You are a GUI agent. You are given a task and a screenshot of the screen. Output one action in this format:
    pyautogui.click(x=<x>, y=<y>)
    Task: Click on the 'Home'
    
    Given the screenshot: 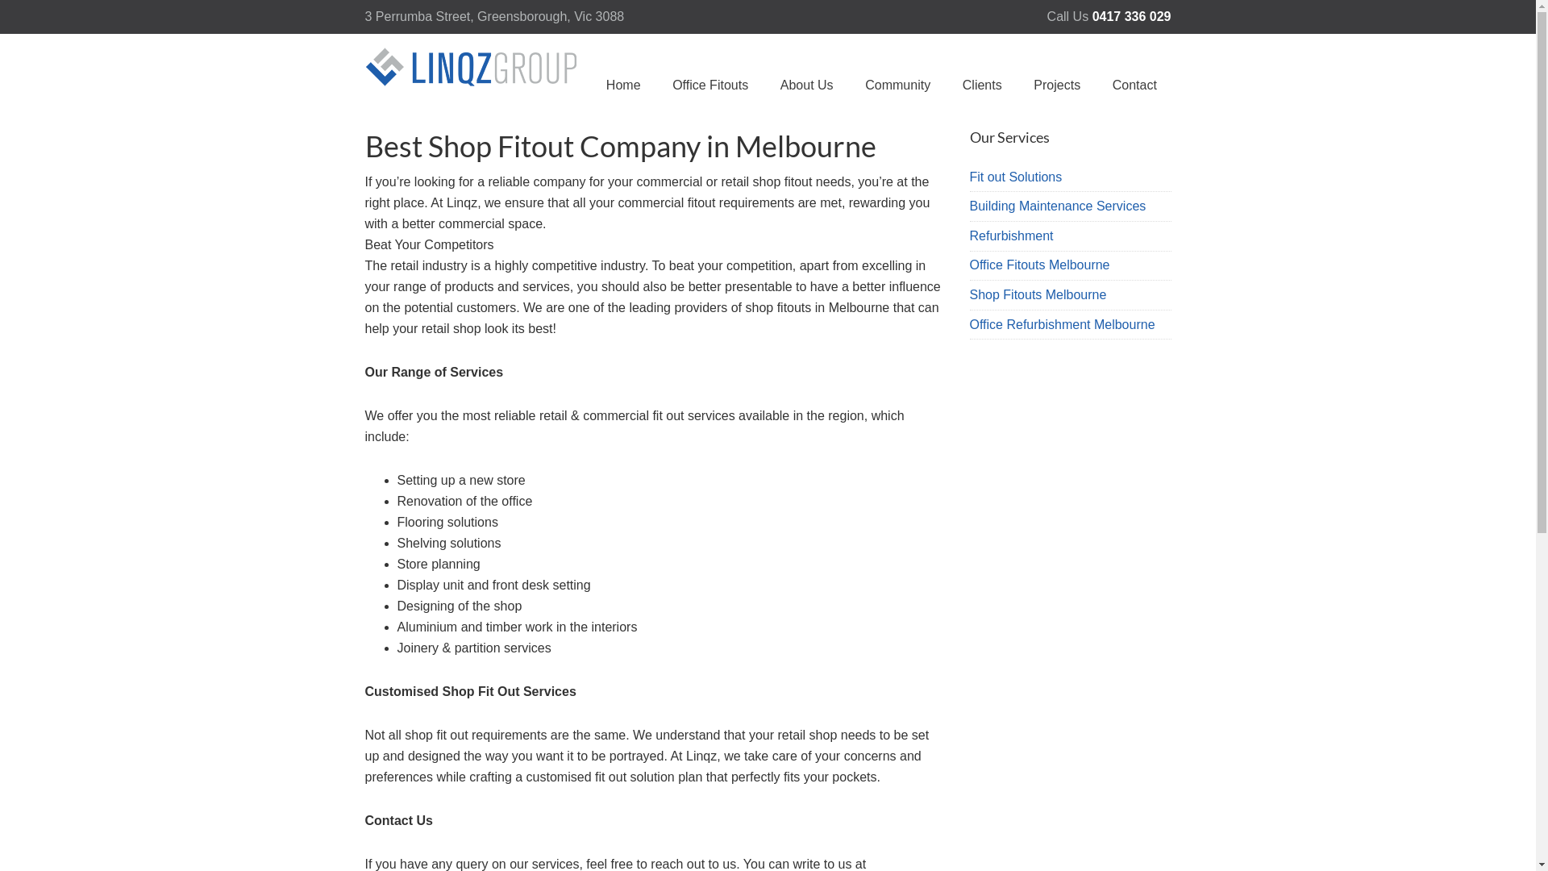 What is the action you would take?
    pyautogui.click(x=622, y=85)
    